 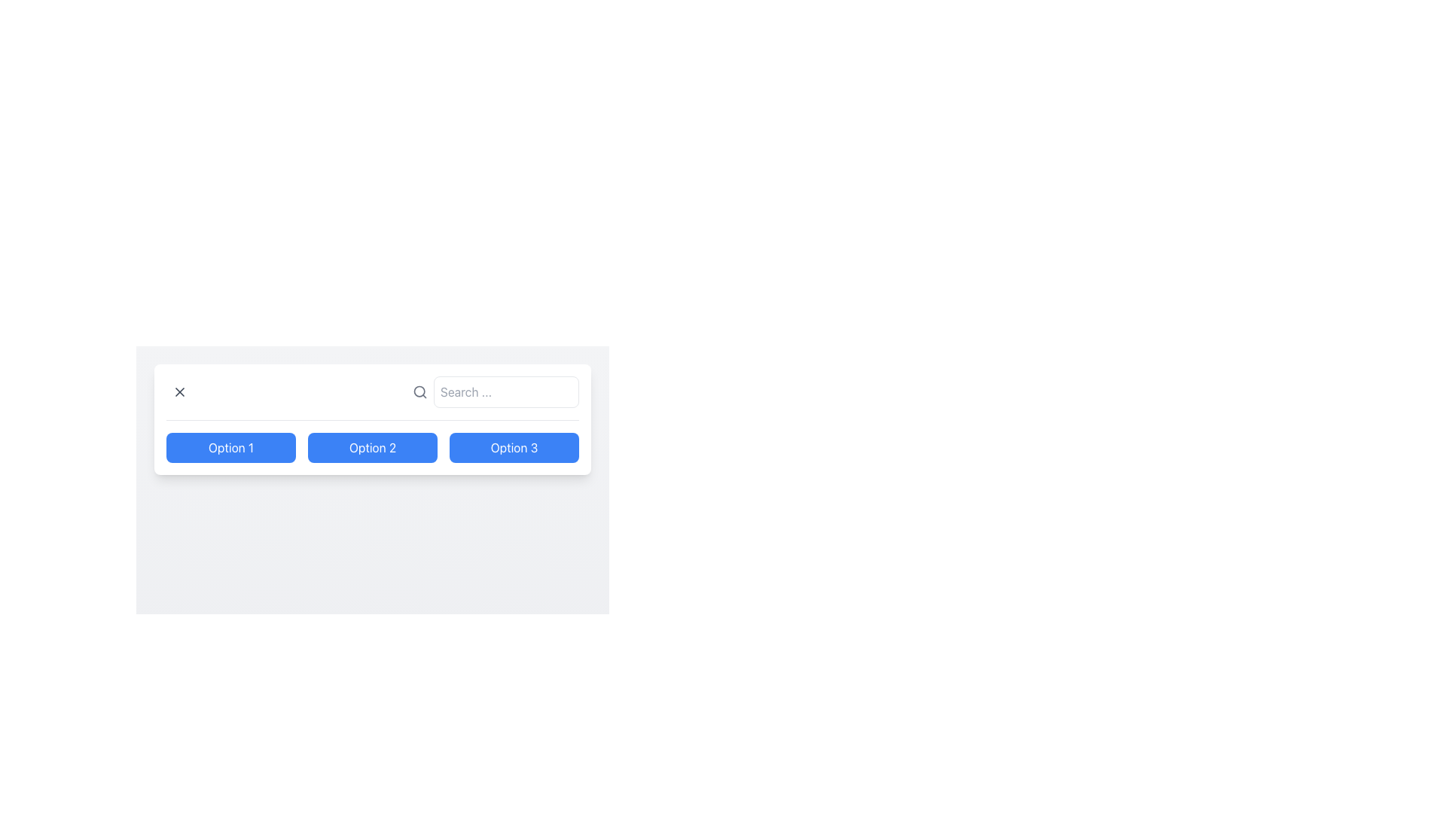 What do you see at coordinates (372, 446) in the screenshot?
I see `the second button labeled 'Option 2' to change its background color` at bounding box center [372, 446].